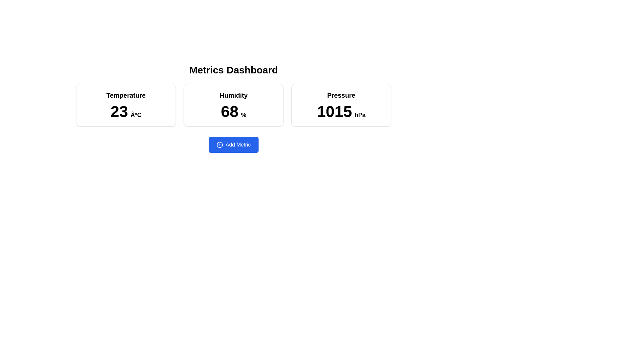  I want to click on the leftmost informational card displaying the current temperature in the grid layout, so click(126, 105).